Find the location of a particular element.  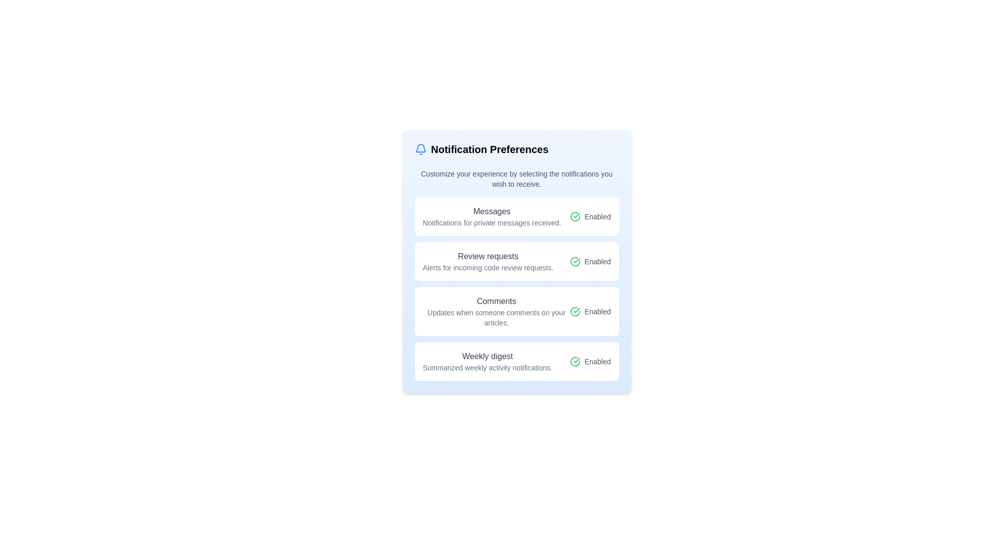

the fourth item in the notification preferences pane, which represents the 'Weekly digest' notification setting is located at coordinates (517, 361).